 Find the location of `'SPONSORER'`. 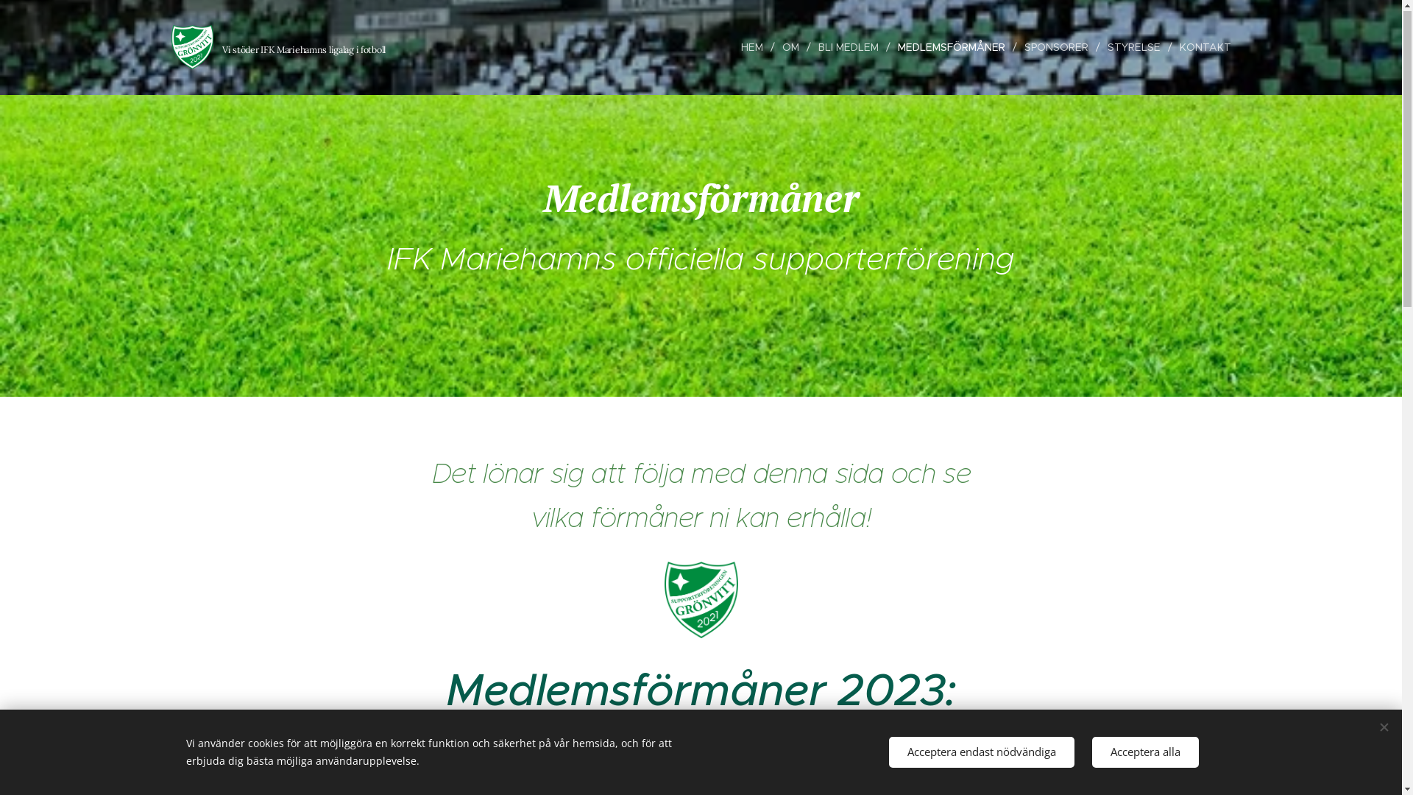

'SPONSORER' is located at coordinates (1058, 47).